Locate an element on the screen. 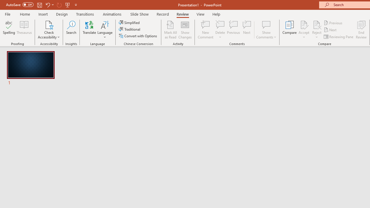  'Thesaurus...' is located at coordinates (24, 30).